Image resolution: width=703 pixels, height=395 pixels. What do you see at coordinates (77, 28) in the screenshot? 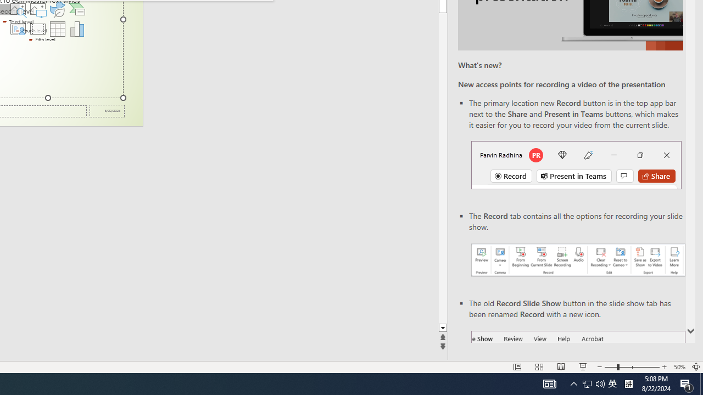
I see `'Insert Chart'` at bounding box center [77, 28].